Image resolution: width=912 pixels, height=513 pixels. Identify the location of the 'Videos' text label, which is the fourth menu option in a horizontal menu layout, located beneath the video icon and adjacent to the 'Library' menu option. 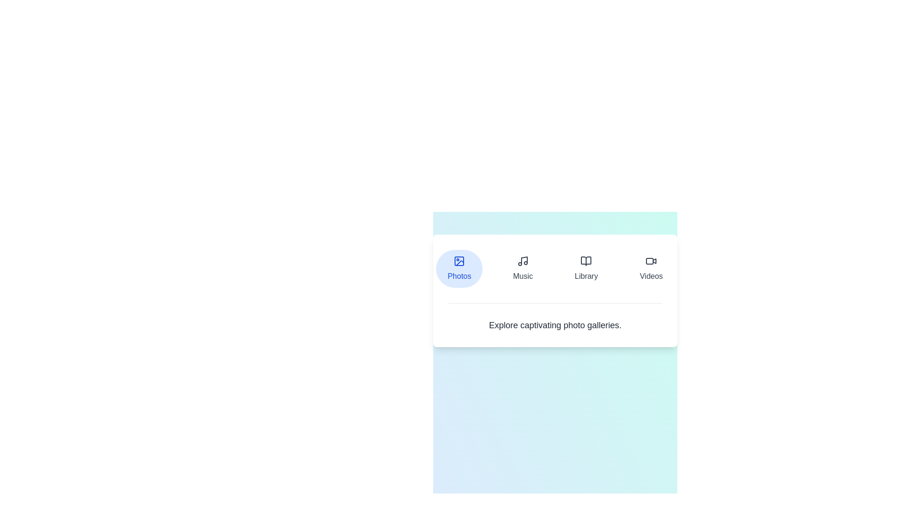
(651, 276).